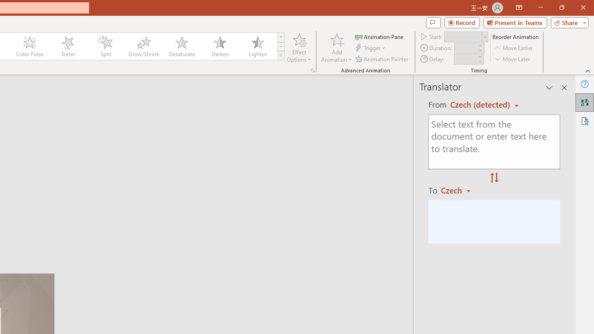  What do you see at coordinates (479, 61) in the screenshot?
I see `'Less'` at bounding box center [479, 61].